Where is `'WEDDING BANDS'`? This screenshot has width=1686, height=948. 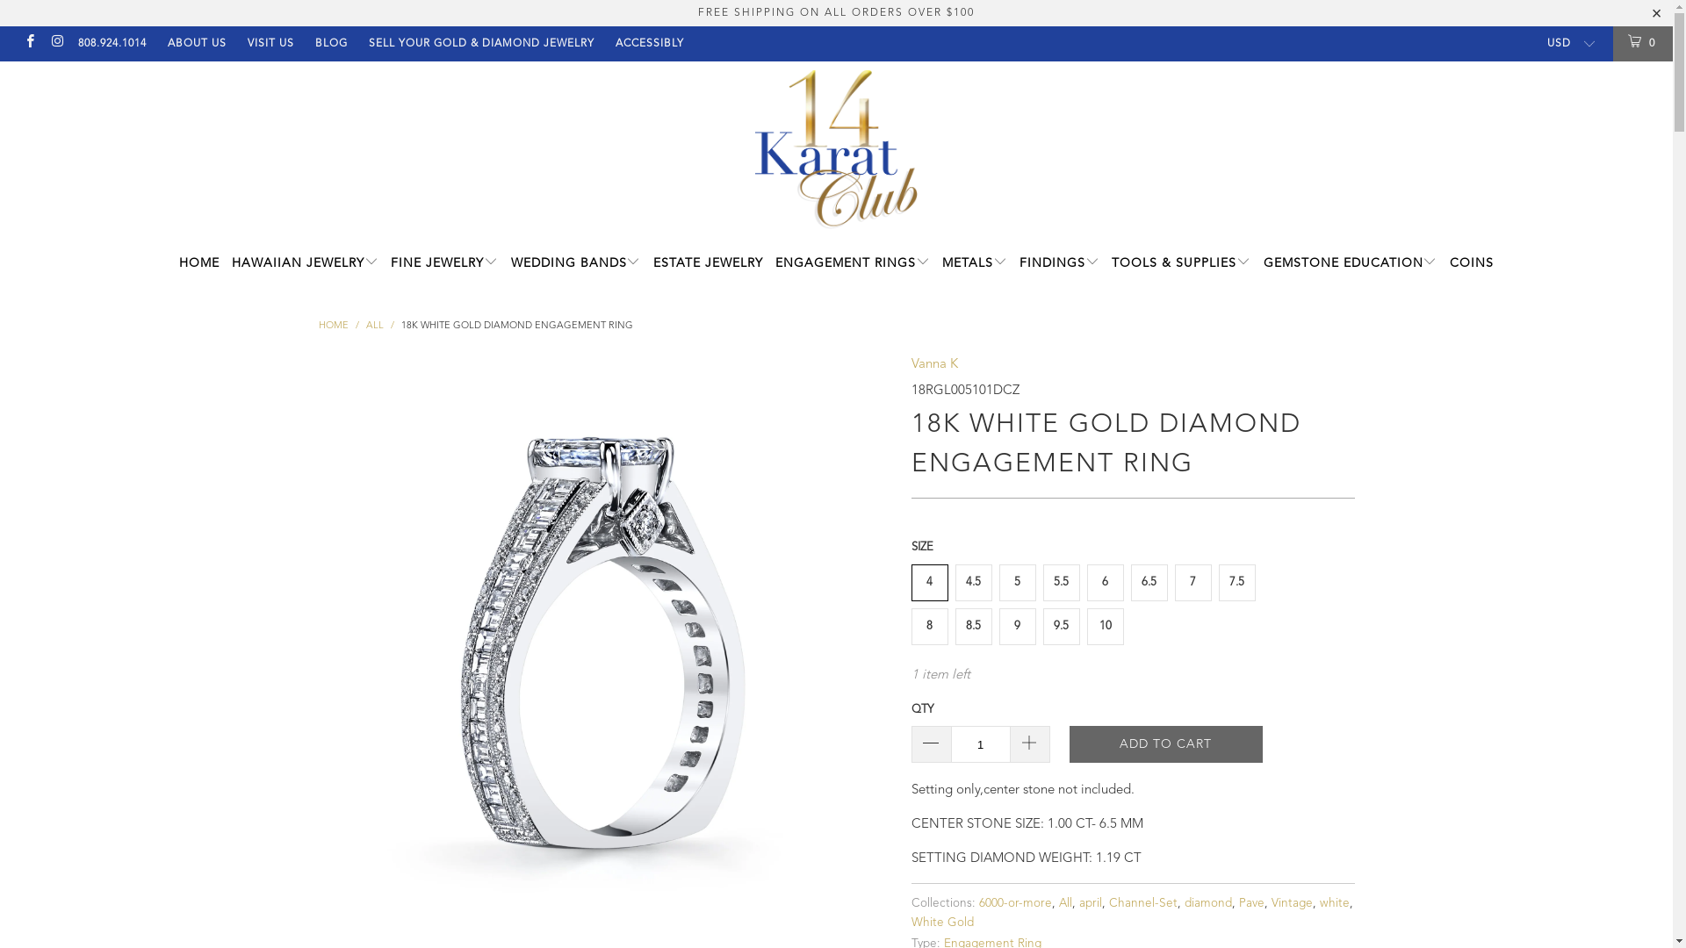 'WEDDING BANDS' is located at coordinates (576, 263).